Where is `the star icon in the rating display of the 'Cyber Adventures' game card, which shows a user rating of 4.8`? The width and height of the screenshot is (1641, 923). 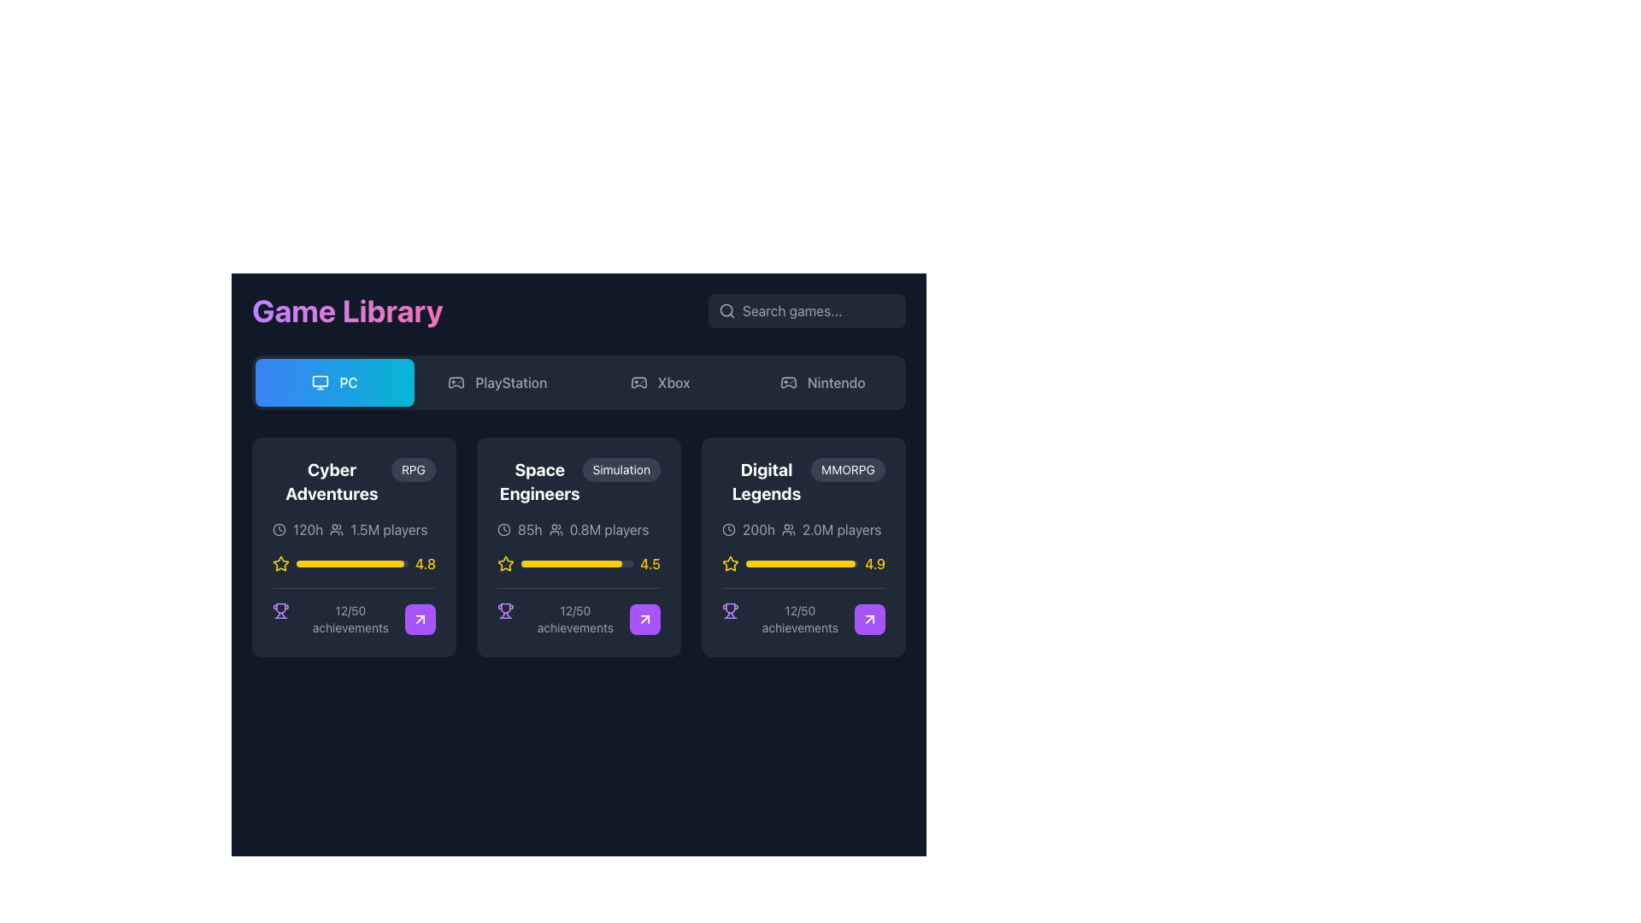
the star icon in the rating display of the 'Cyber Adventures' game card, which shows a user rating of 4.8 is located at coordinates (353, 563).